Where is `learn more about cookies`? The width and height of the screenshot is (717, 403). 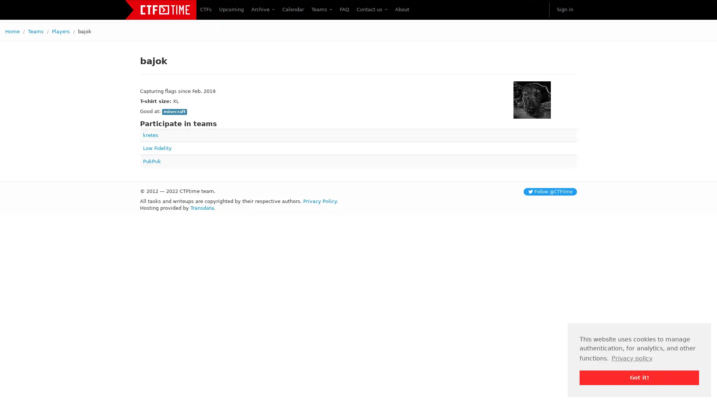 learn more about cookies is located at coordinates (631, 358).